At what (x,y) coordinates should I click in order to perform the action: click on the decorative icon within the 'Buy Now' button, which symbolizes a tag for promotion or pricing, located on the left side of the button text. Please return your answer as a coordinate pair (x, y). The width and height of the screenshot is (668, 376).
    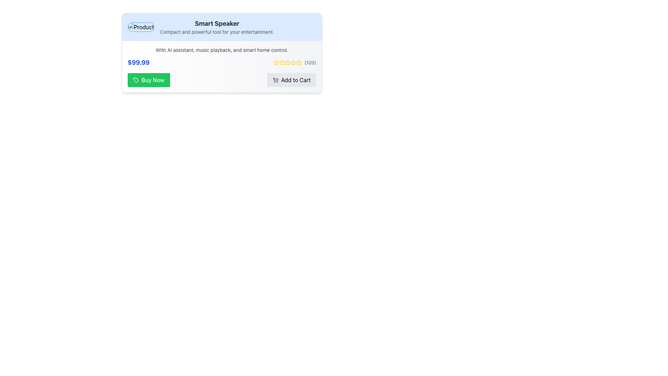
    Looking at the image, I should click on (136, 80).